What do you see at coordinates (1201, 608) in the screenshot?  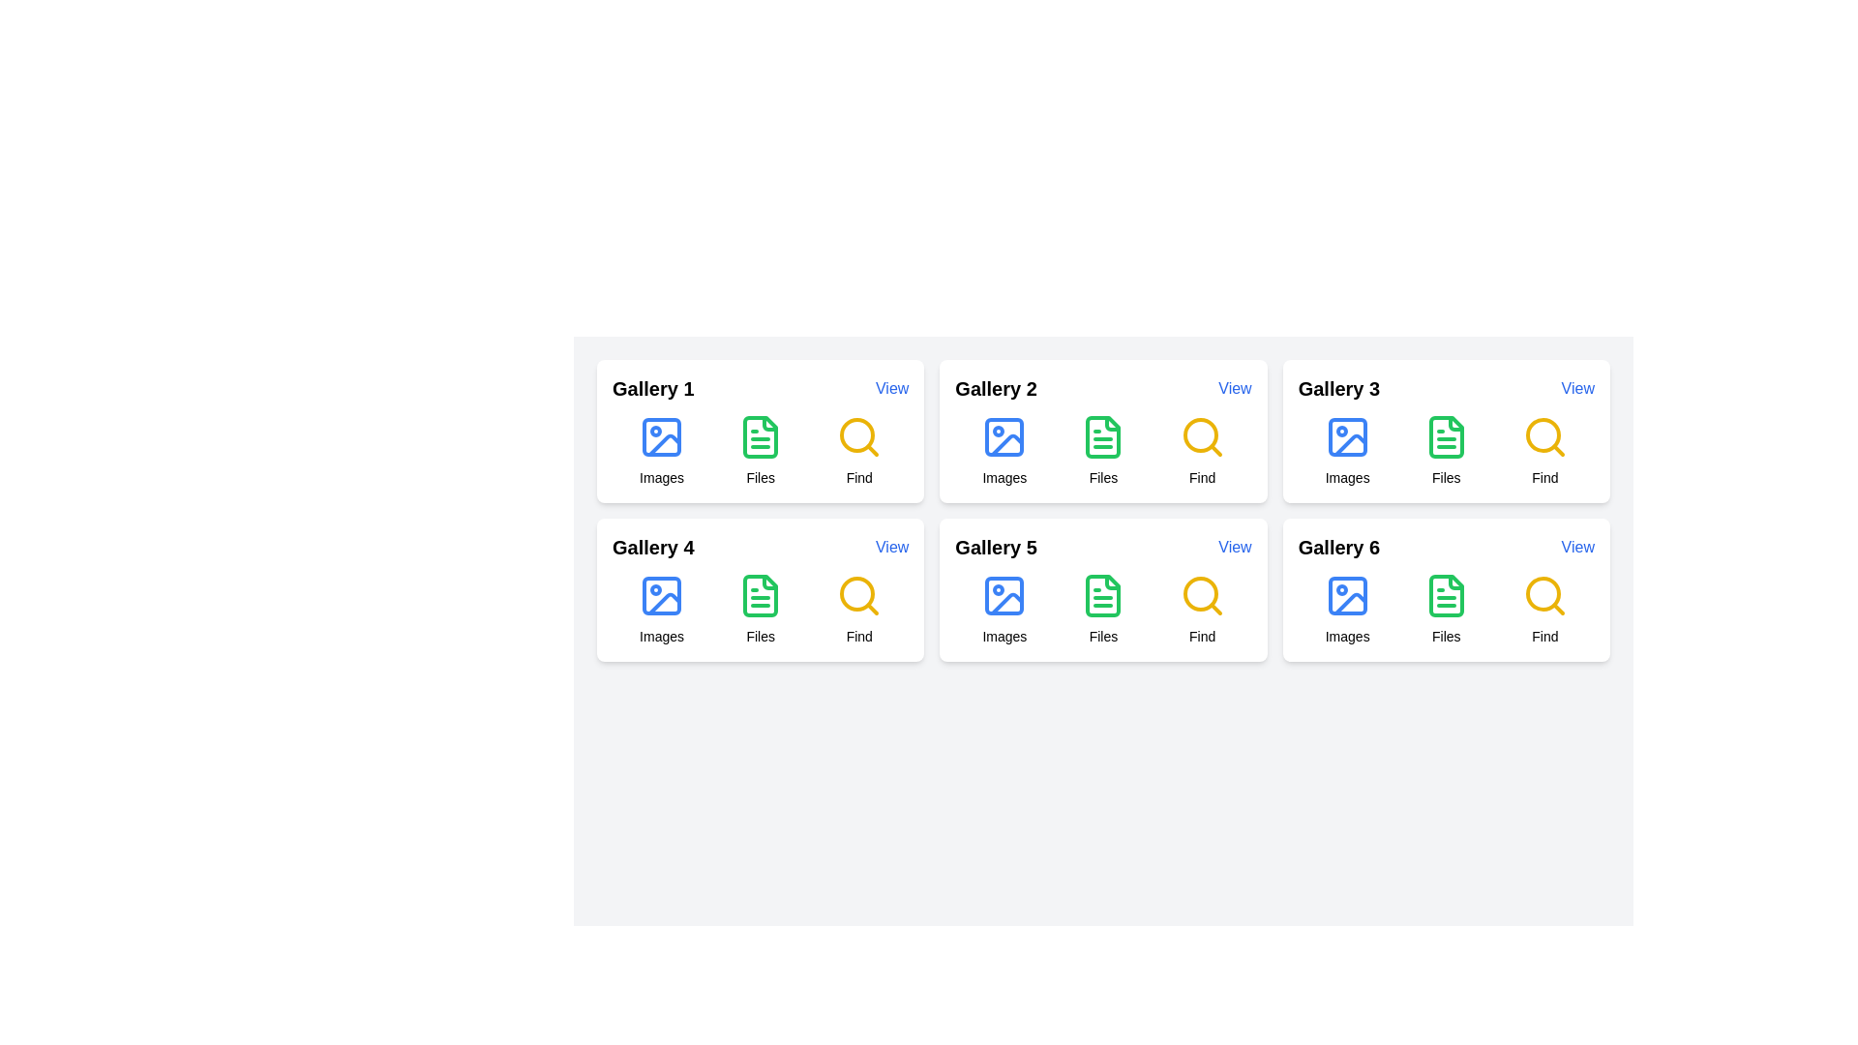 I see `the yellow magnifying glass icon with the text 'Find'` at bounding box center [1201, 608].